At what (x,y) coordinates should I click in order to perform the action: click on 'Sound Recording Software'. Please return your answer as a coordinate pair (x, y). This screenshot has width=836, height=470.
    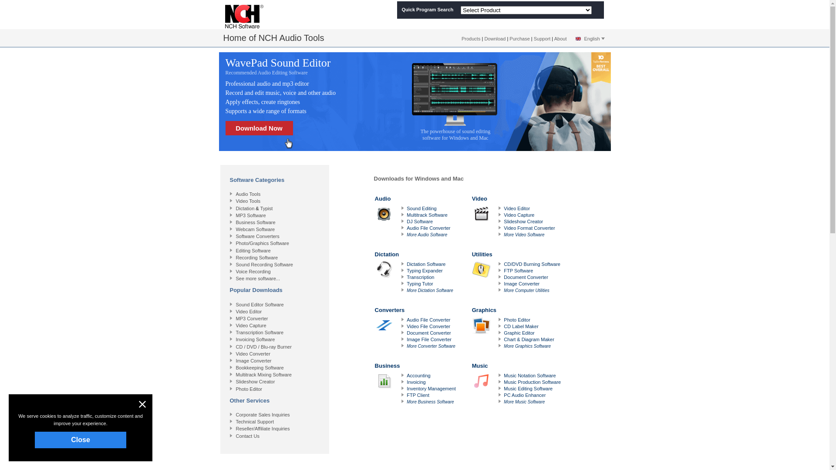
    Looking at the image, I should click on (264, 264).